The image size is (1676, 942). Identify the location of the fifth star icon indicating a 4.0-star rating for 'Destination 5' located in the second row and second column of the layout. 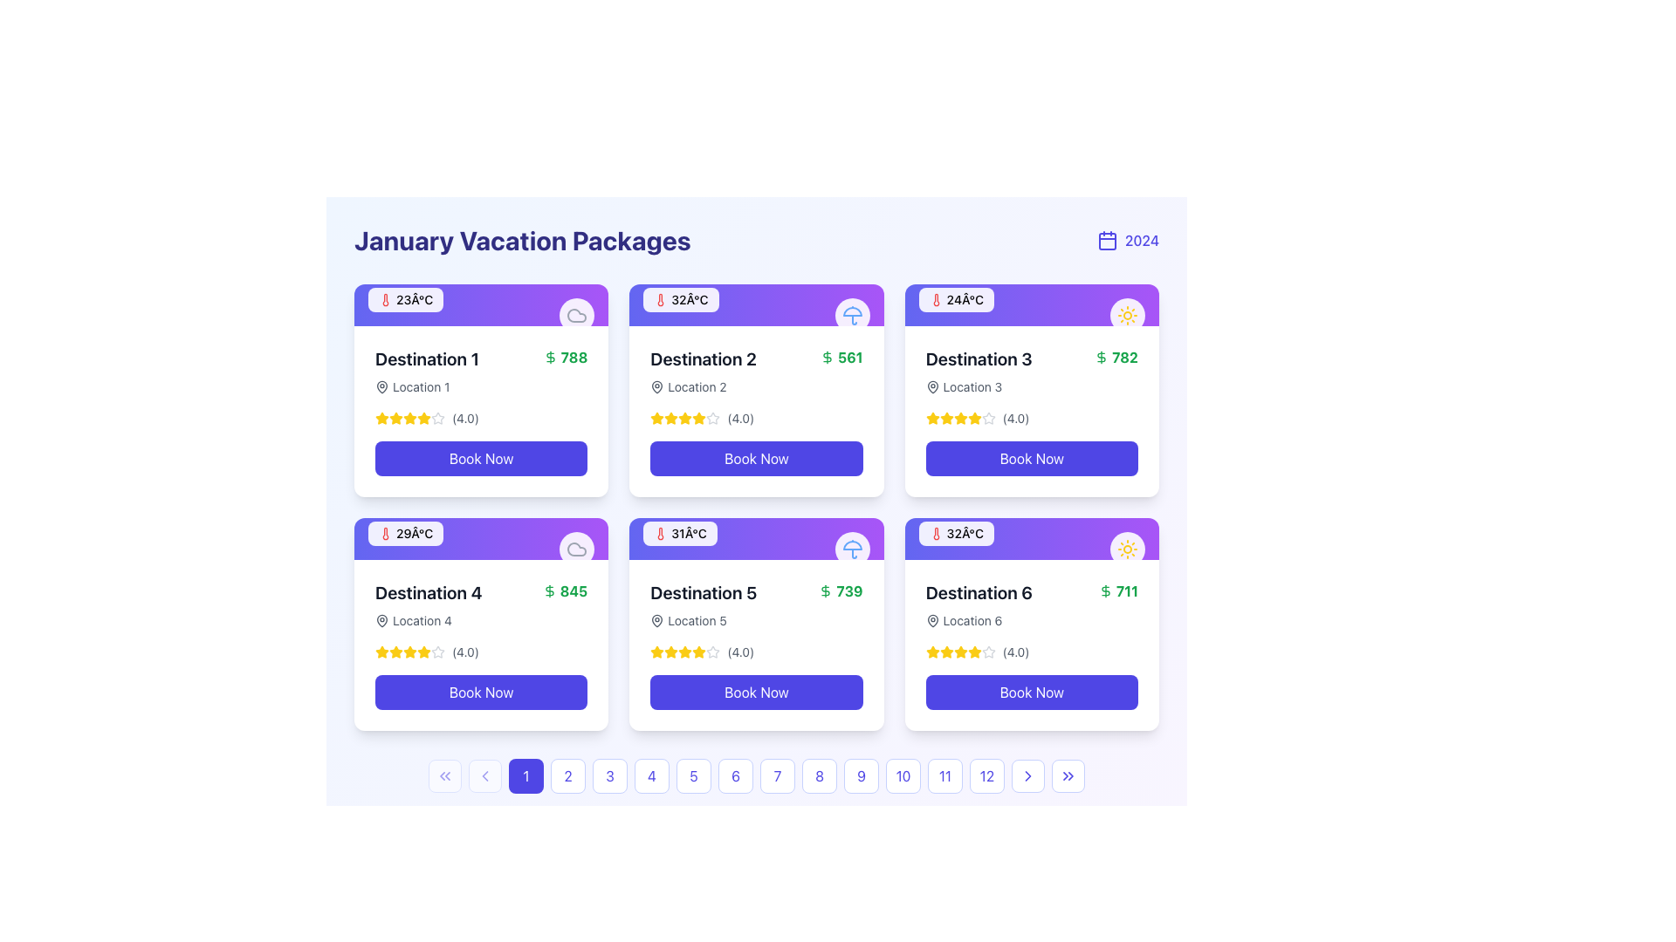
(713, 652).